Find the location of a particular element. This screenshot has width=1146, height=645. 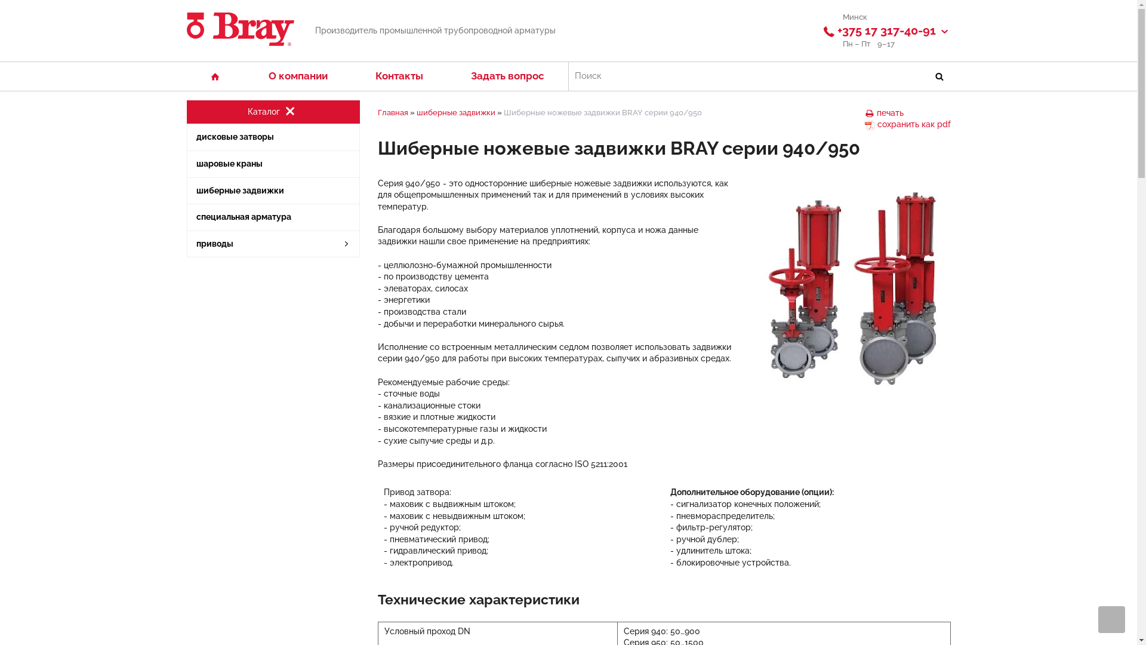

'+375 17 317-40-91' is located at coordinates (886, 30).